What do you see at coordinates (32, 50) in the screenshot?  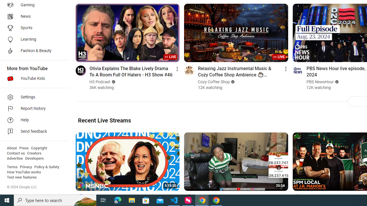 I see `'Fashion & Beauty'` at bounding box center [32, 50].